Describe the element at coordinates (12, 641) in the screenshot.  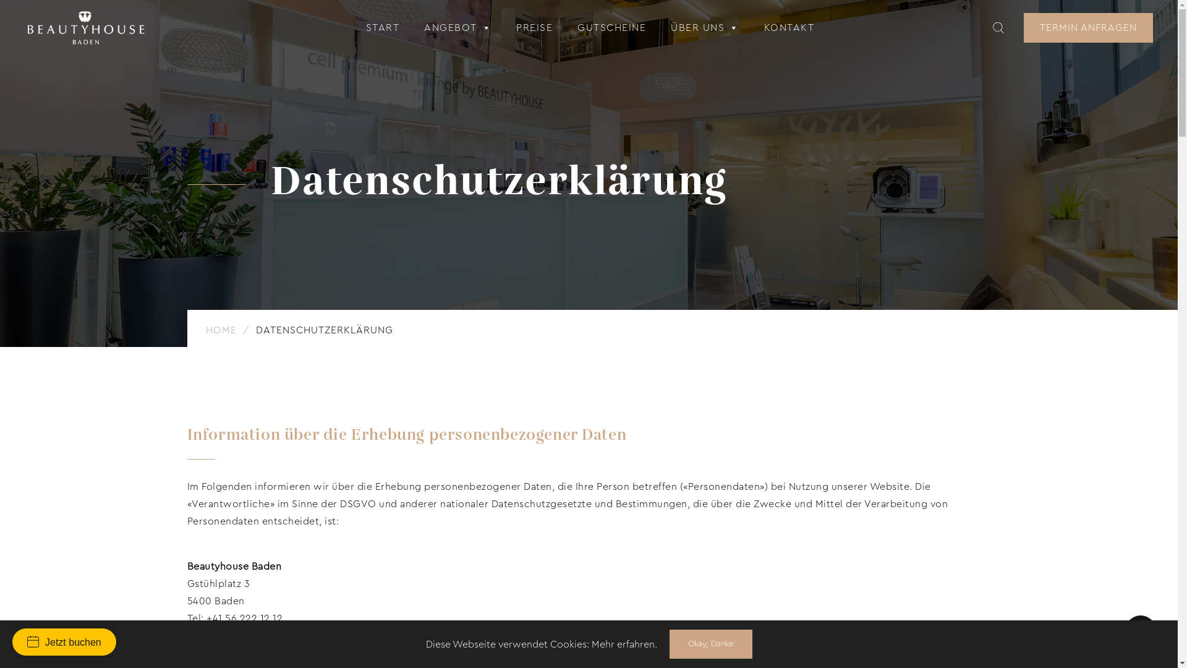
I see `'Jetzt buchen'` at that location.